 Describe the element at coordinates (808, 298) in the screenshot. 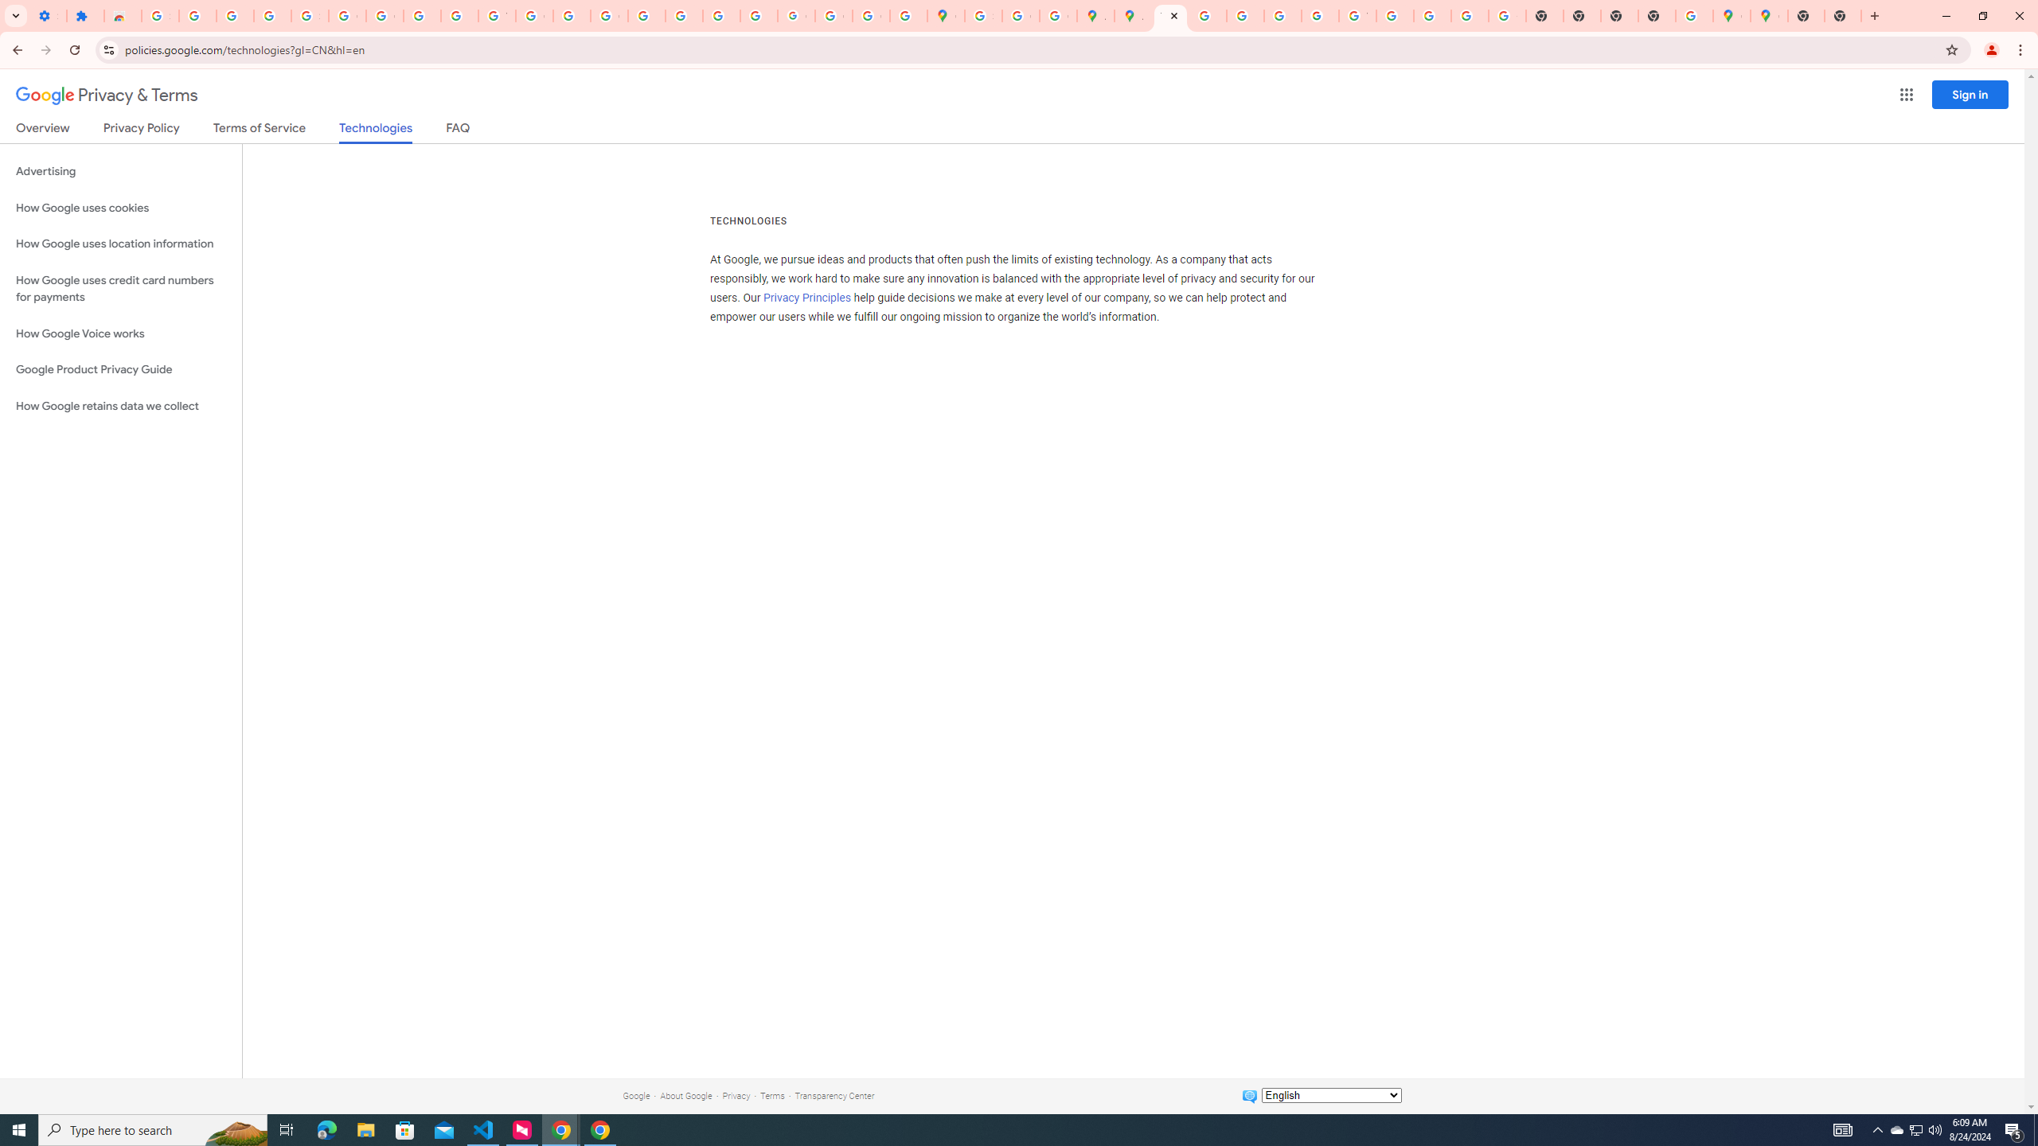

I see `'Privacy Principles'` at that location.